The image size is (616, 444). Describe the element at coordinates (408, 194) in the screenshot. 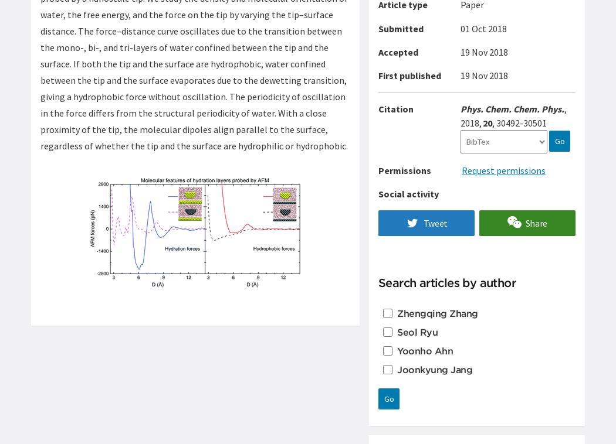

I see `'Social activity'` at that location.